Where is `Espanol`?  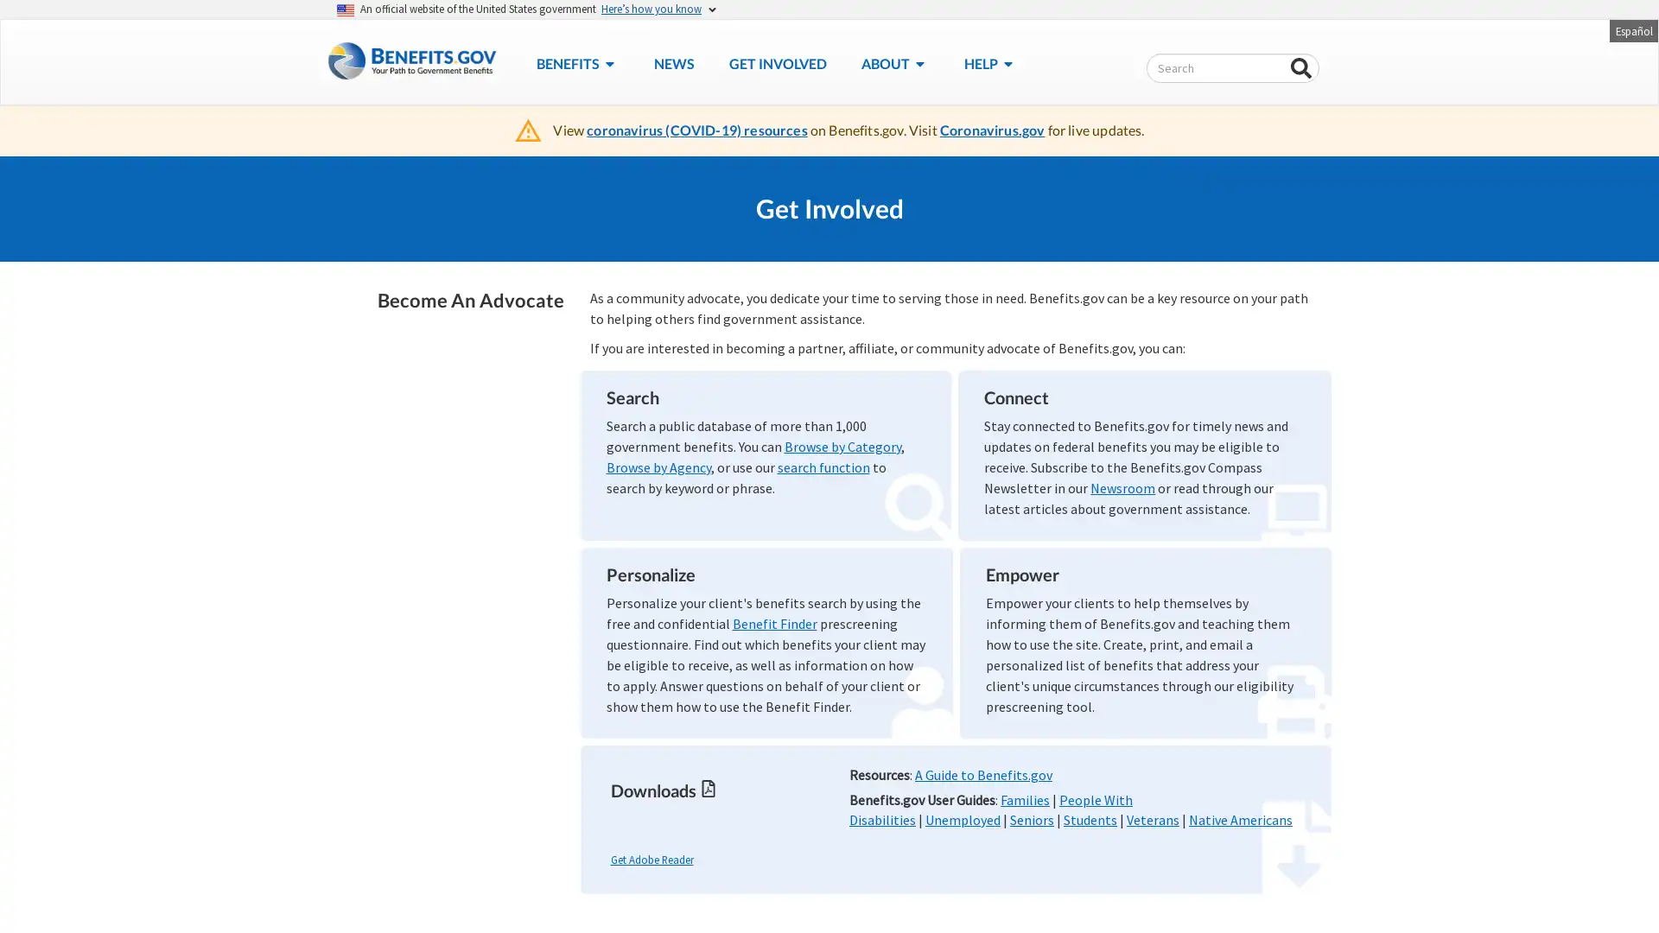
Espanol is located at coordinates (1632, 29).